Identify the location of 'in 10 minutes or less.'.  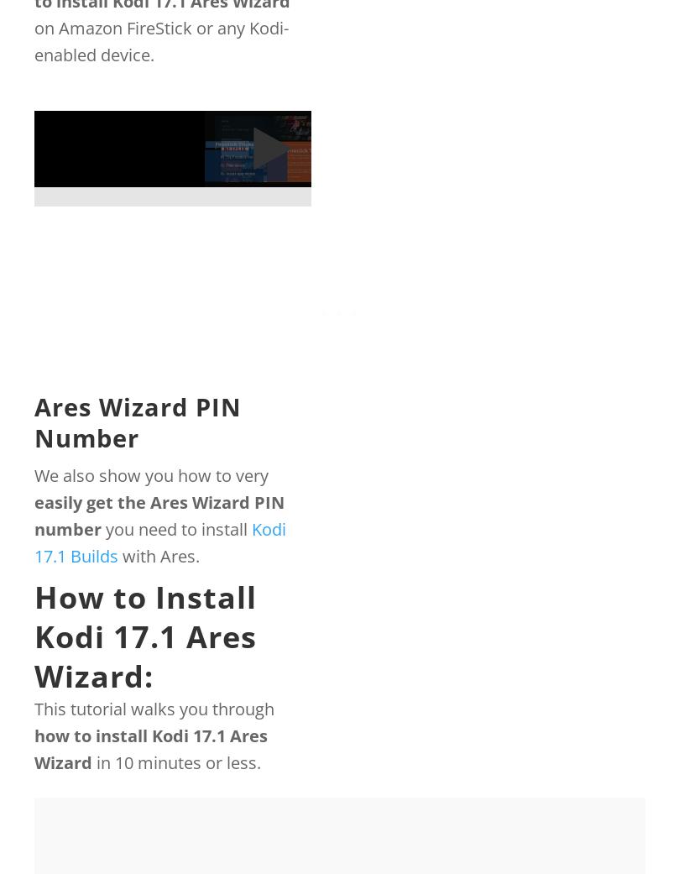
(175, 761).